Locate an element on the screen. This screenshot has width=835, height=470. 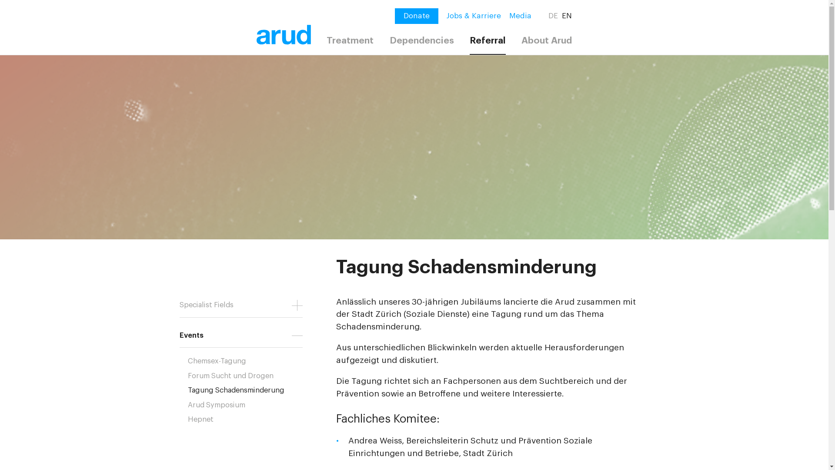
'Chemsex-Tagung' is located at coordinates (249, 361).